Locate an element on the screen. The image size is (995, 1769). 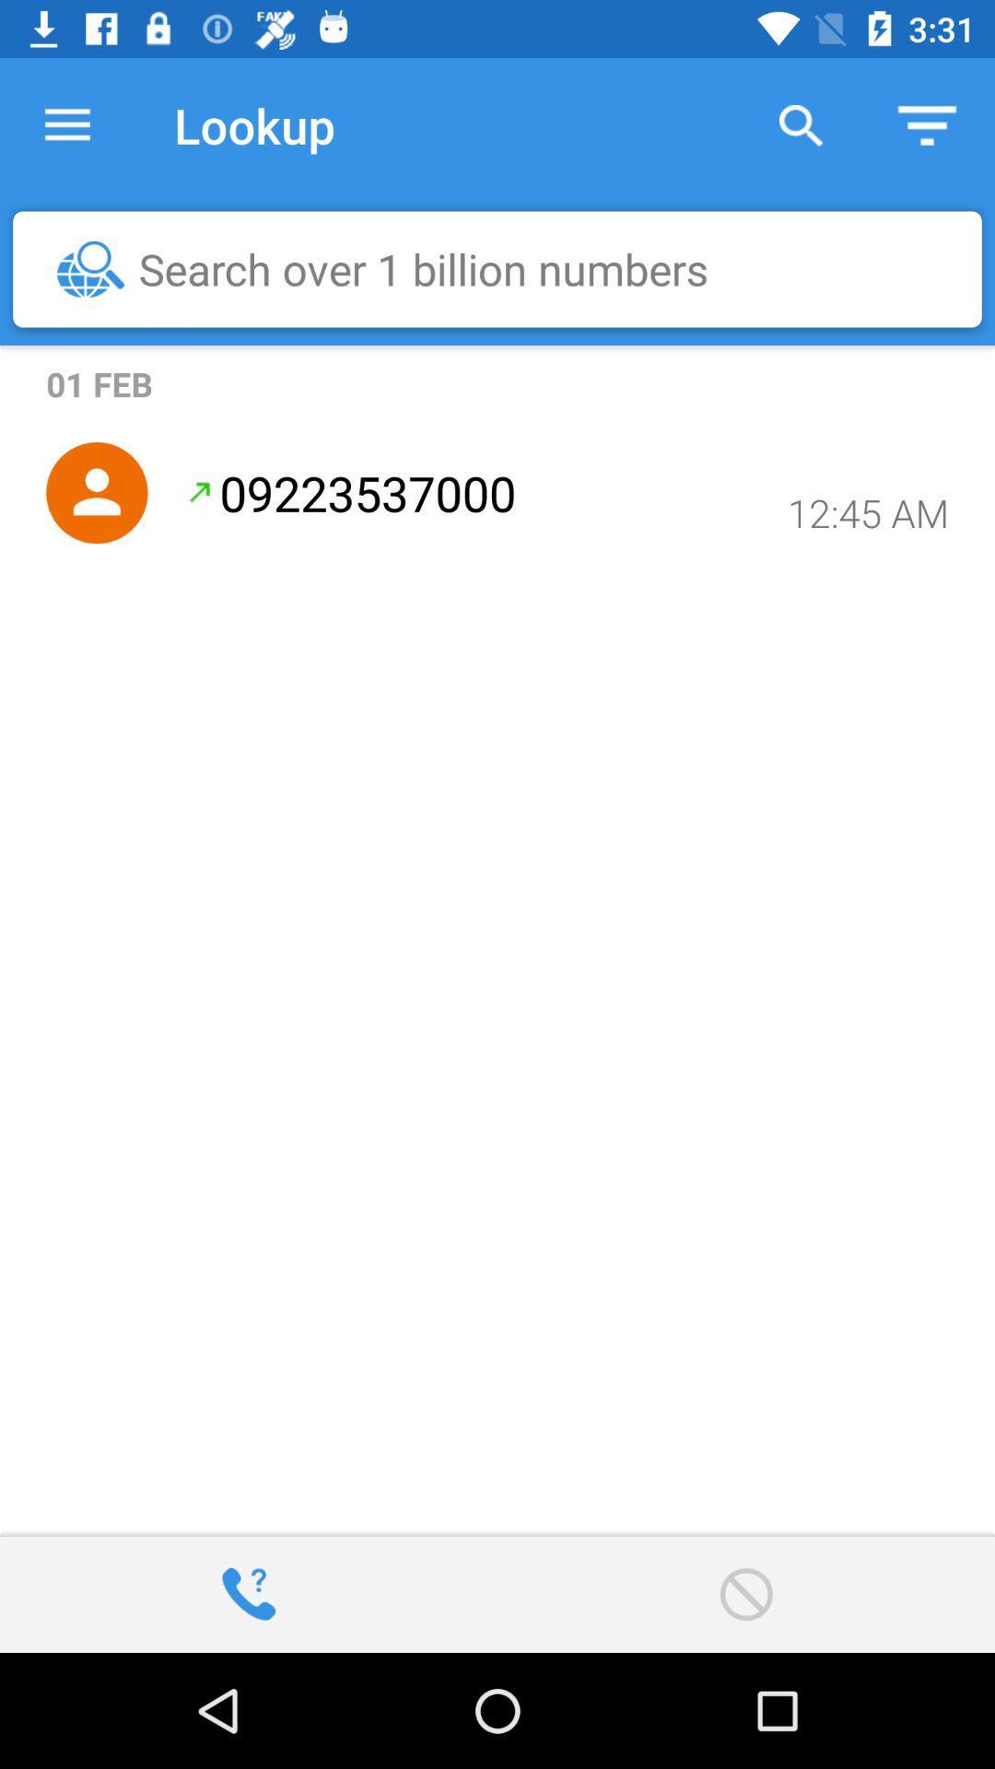
the icon to the left of the search over 1 icon is located at coordinates (90, 268).